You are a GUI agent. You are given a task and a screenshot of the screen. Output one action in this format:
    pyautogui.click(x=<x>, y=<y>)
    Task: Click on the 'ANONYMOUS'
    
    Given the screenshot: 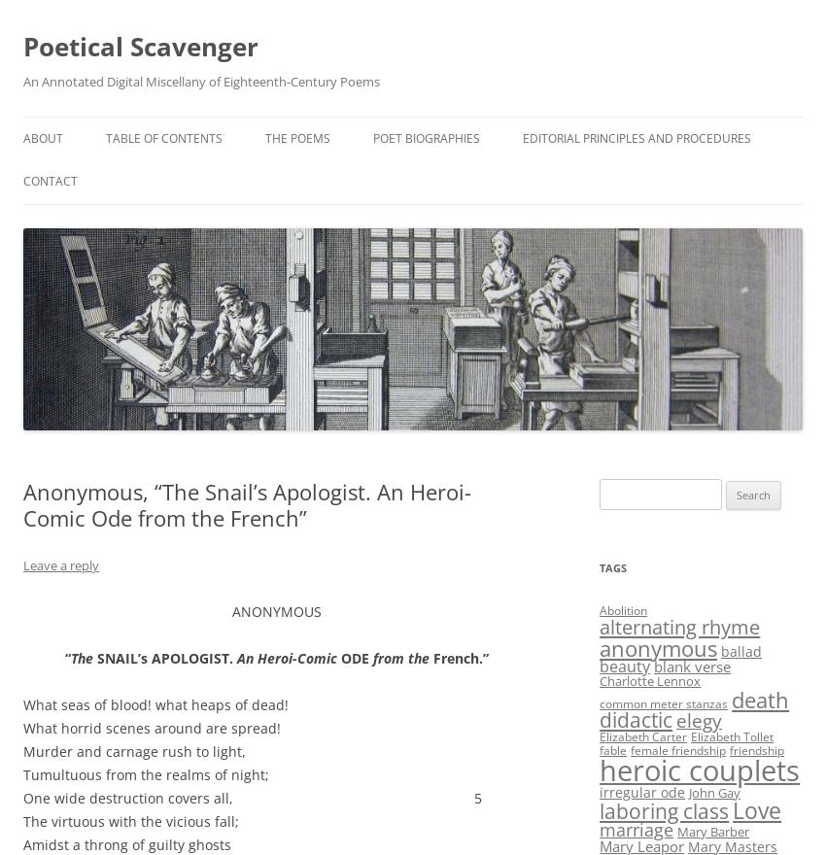 What is the action you would take?
    pyautogui.click(x=276, y=611)
    